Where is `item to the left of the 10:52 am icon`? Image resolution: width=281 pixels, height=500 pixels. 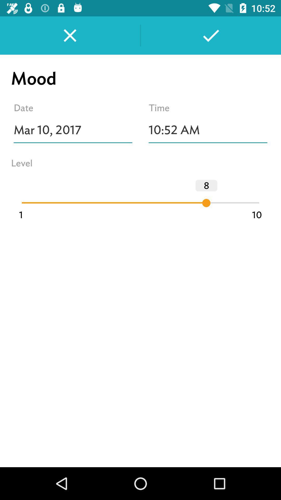 item to the left of the 10:52 am icon is located at coordinates (73, 130).